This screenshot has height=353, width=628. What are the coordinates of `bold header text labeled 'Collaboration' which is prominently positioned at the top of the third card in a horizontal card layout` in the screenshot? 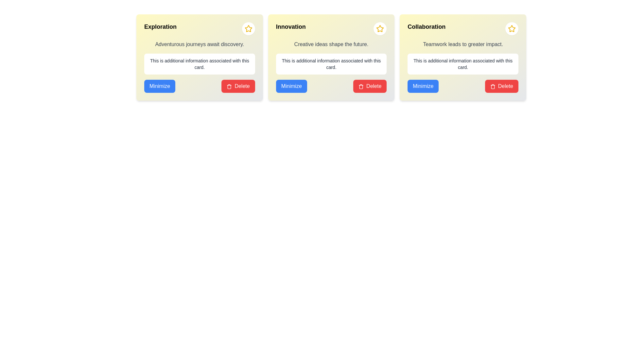 It's located at (427, 28).